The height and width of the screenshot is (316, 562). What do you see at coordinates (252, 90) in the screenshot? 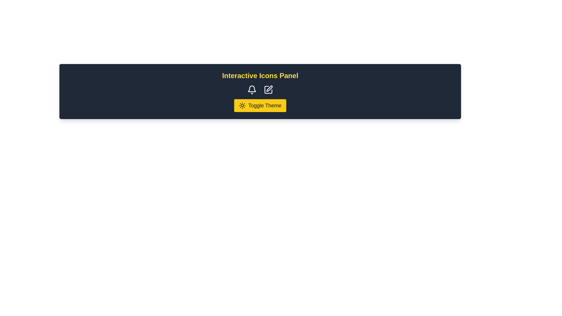
I see `the bell icon in the black header section to trigger visual feedback` at bounding box center [252, 90].